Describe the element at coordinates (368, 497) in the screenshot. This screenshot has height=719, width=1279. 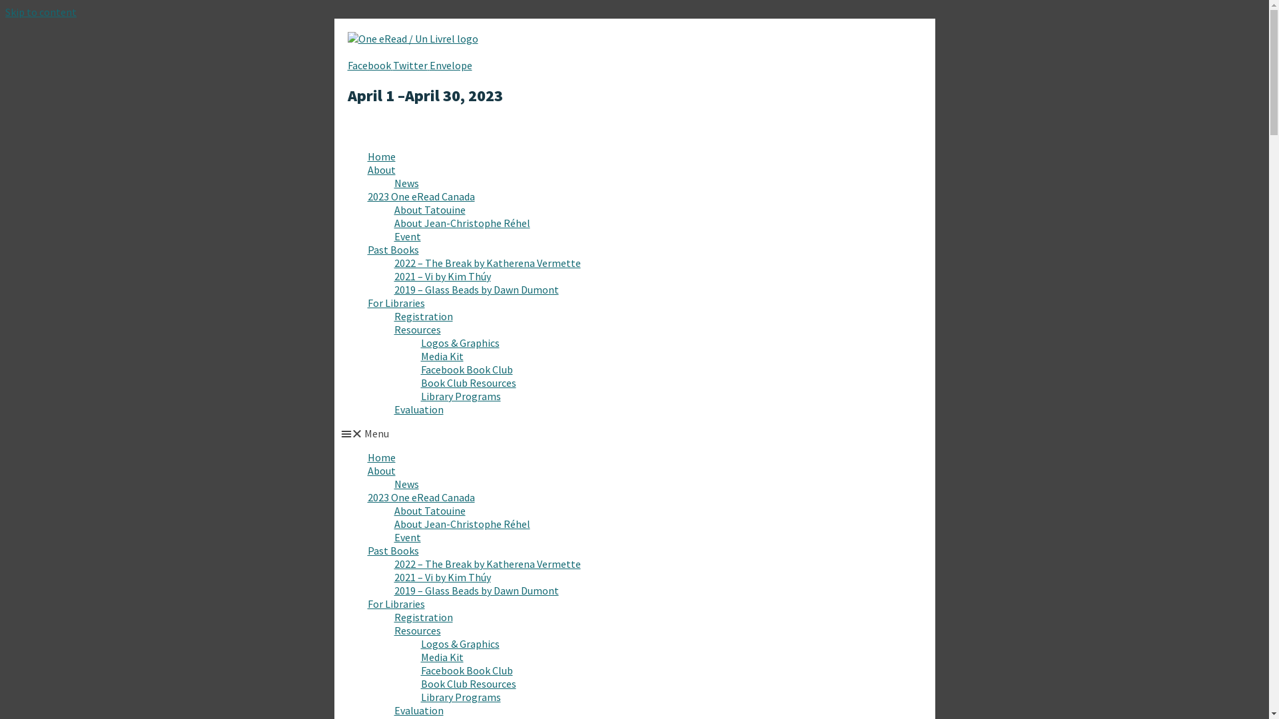
I see `'2023 One eRead Canada'` at that location.